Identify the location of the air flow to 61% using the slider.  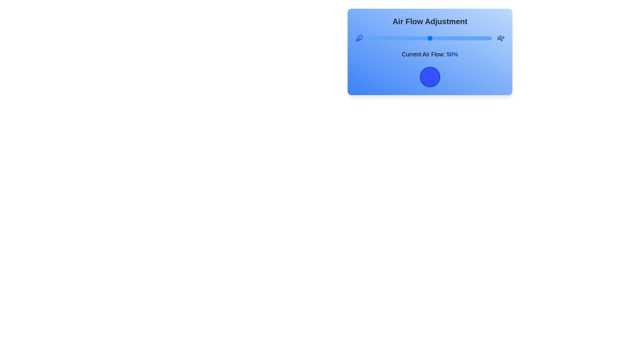
(443, 38).